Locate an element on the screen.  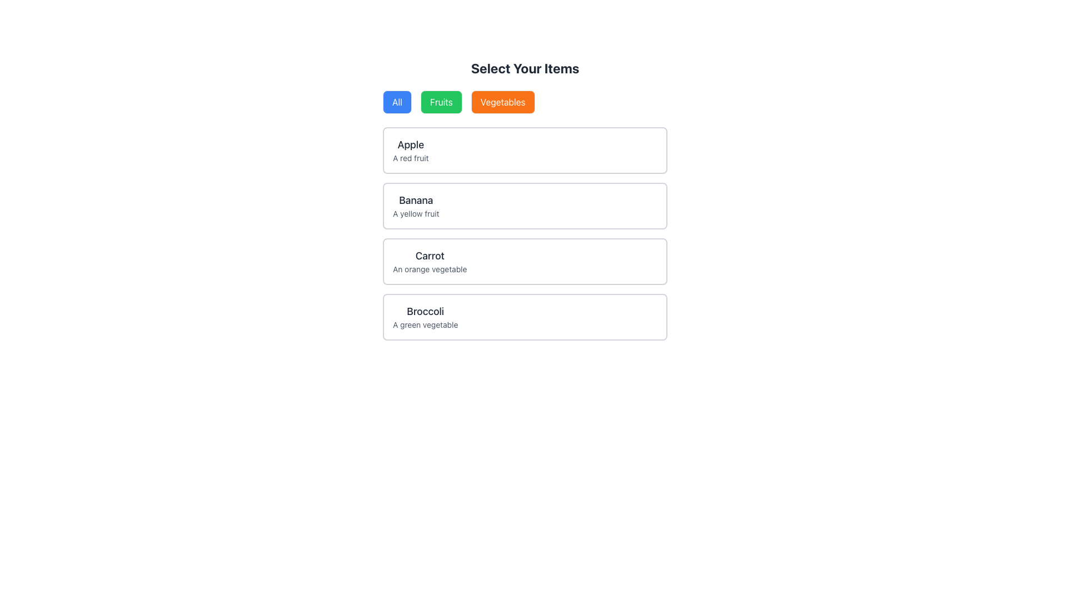
the informational card displaying 'Broccoli' with the description 'A green vegetable', which is the fourth card in the 'Select Your Items' section, located below the 'Carrot' card is located at coordinates (525, 317).